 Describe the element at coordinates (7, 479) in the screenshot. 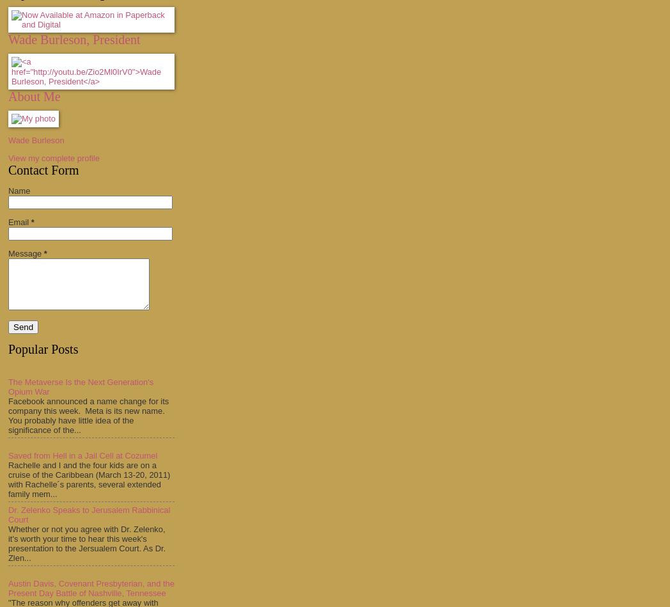

I see `'Rachelle and I and the four kids are on a cruise of the Caribbean (March 13-20, 2011) with Rachelle´s parents, several extended family mem...'` at that location.